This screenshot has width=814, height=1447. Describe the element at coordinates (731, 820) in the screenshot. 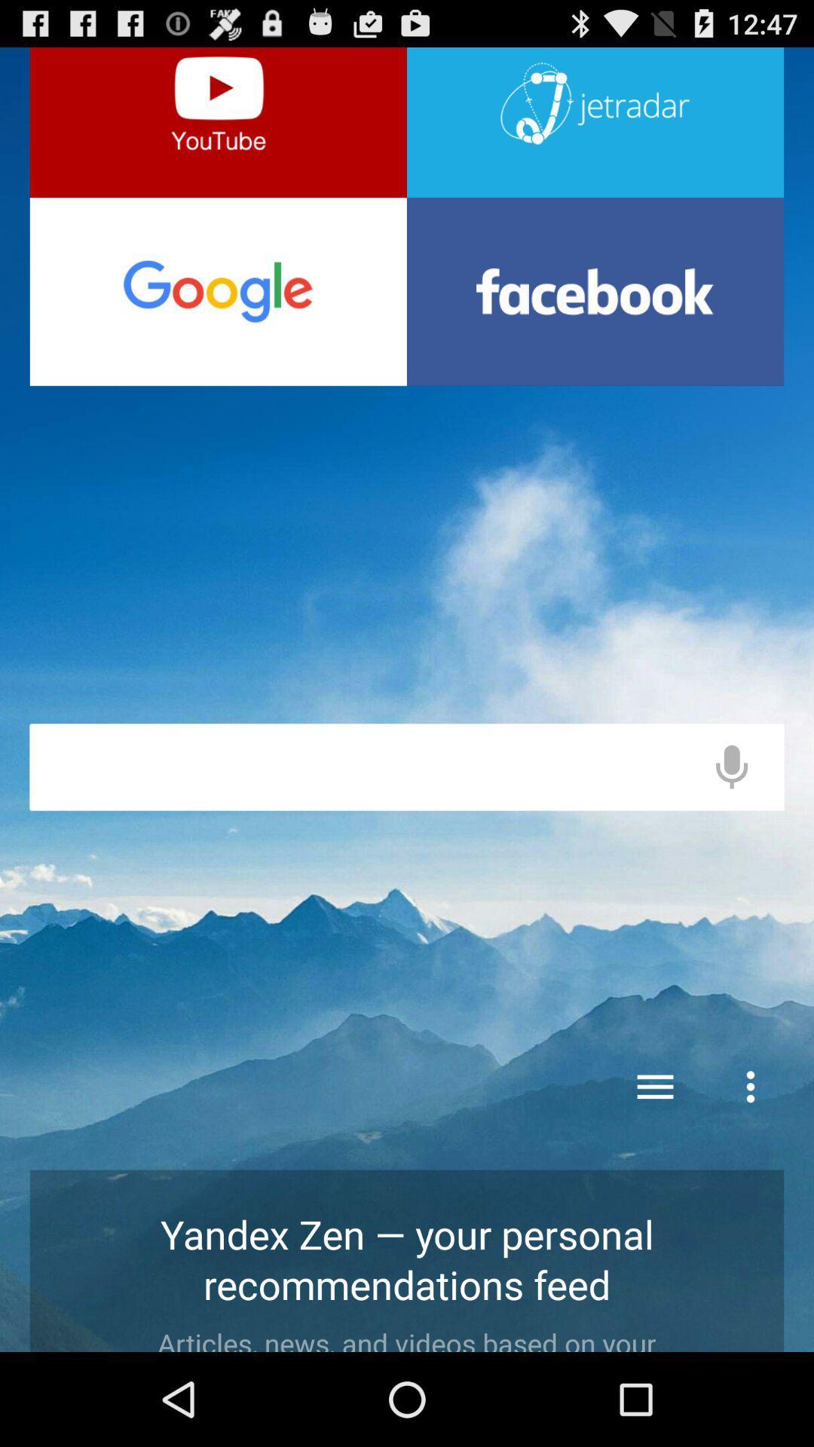

I see `the microphone icon` at that location.